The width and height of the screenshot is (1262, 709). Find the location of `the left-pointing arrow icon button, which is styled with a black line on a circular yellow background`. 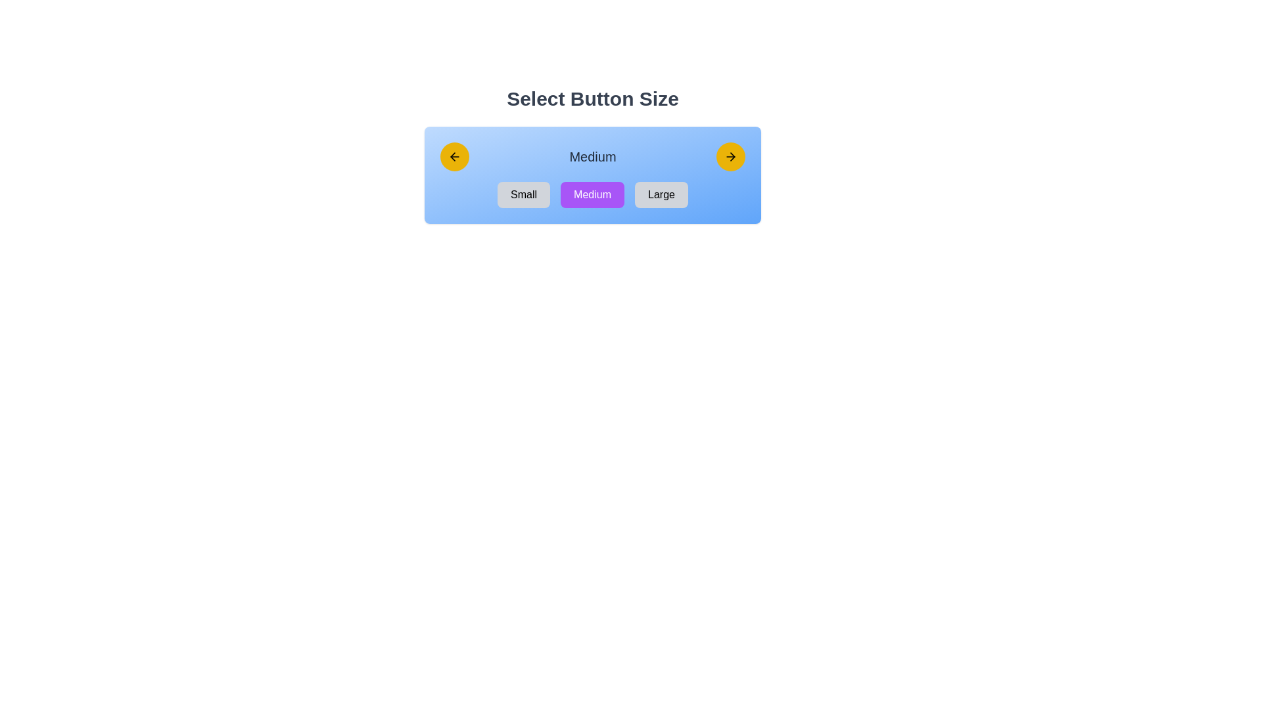

the left-pointing arrow icon button, which is styled with a black line on a circular yellow background is located at coordinates (454, 156).